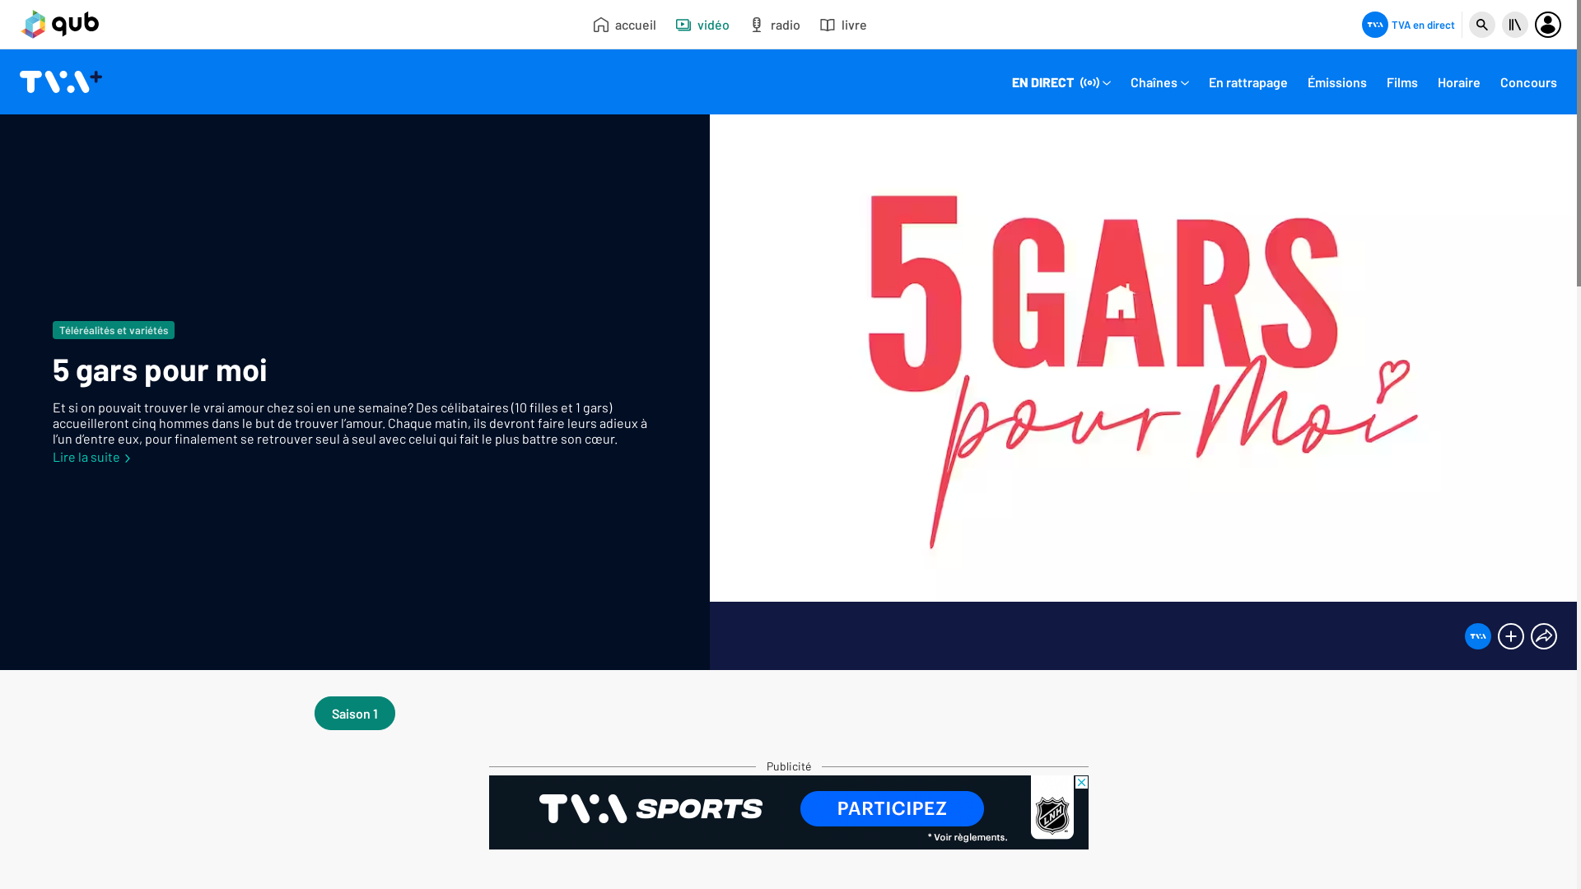 The height and width of the screenshot is (889, 1581). Describe the element at coordinates (1061, 83) in the screenshot. I see `'EN DIRECT'` at that location.